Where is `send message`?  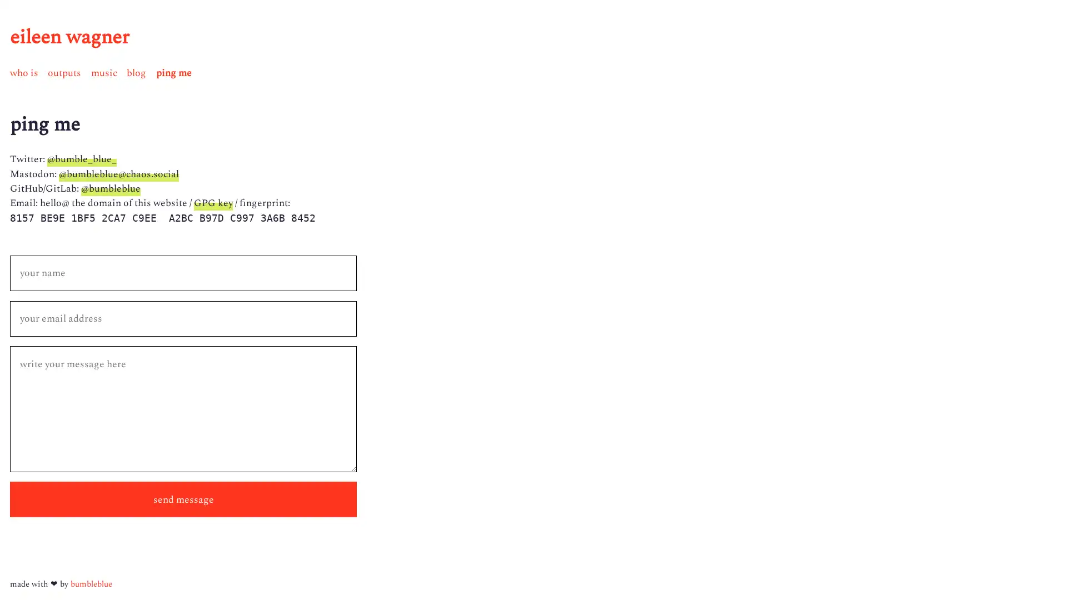 send message is located at coordinates (183, 498).